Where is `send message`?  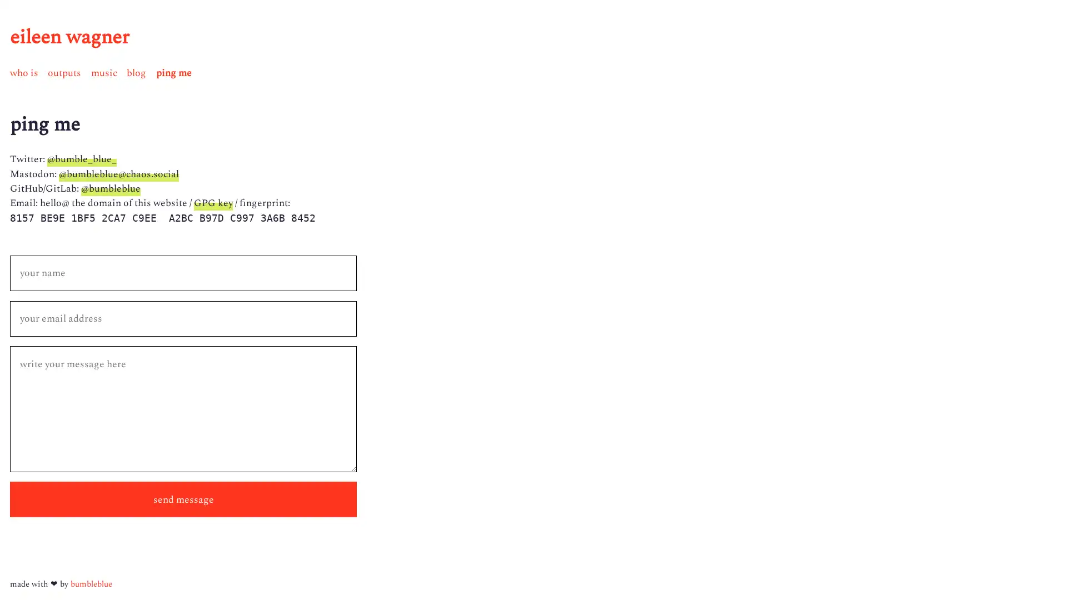 send message is located at coordinates (183, 498).